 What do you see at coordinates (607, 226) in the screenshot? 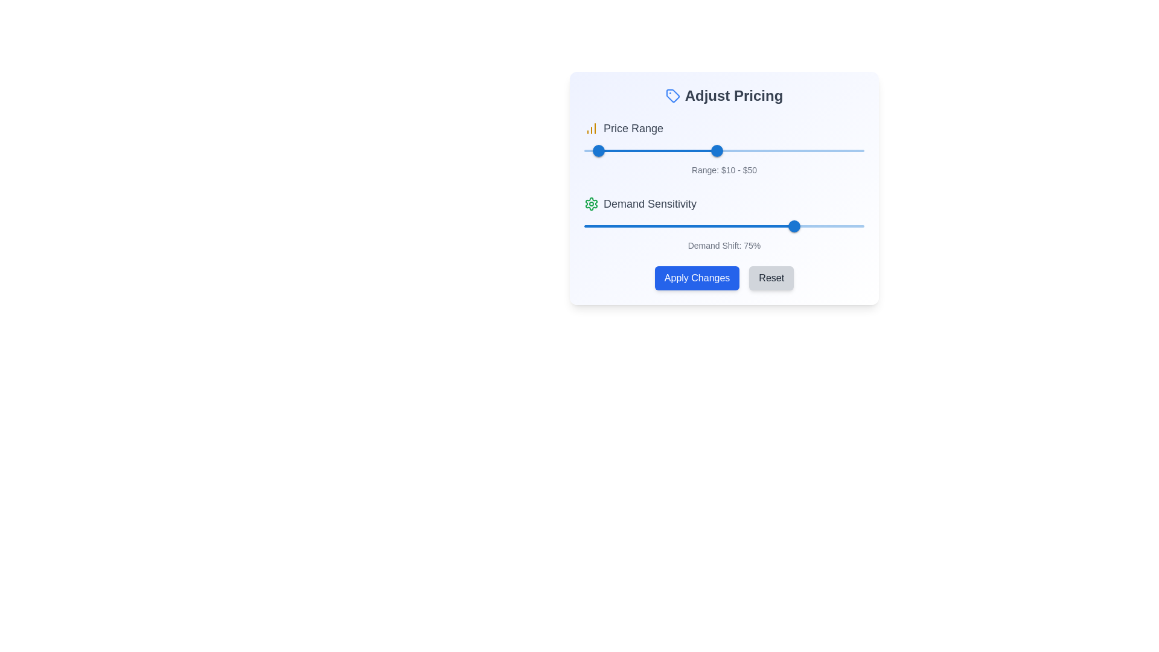
I see `Demand Sensitivity` at bounding box center [607, 226].